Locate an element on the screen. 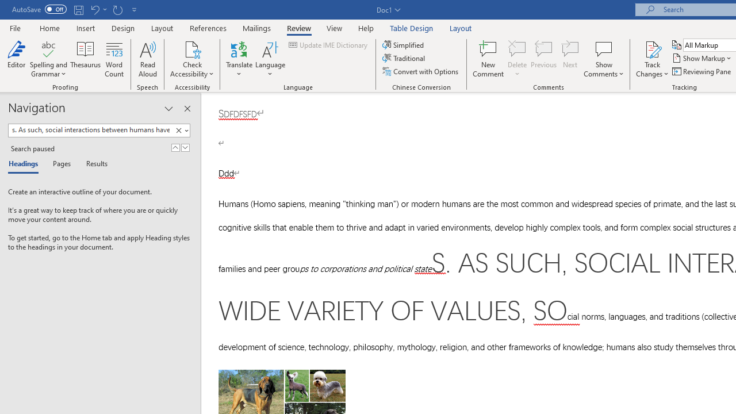 Image resolution: width=736 pixels, height=414 pixels. 'Language' is located at coordinates (270, 59).